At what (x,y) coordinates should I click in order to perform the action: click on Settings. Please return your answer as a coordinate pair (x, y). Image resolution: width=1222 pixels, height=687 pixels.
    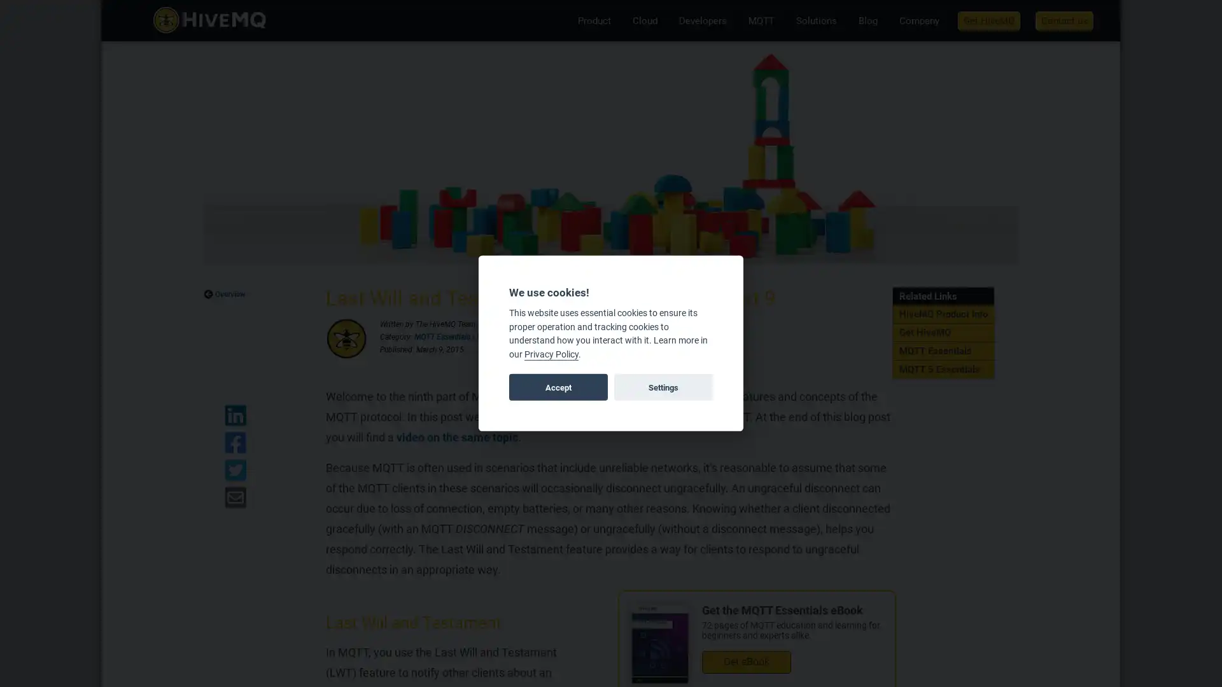
    Looking at the image, I should click on (662, 387).